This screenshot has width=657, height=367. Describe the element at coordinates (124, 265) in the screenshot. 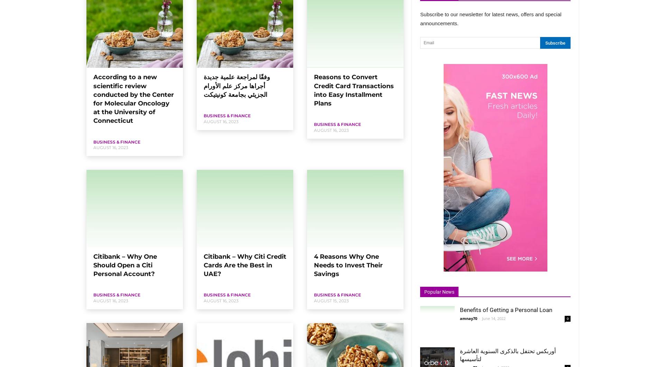

I see `'Citibank – Why One Should Open a Citi Personal Account?'` at that location.